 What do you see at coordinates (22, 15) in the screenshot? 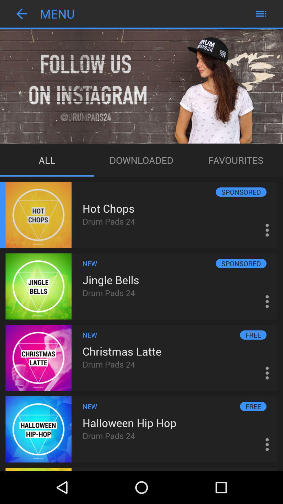
I see `the arrow_backward icon` at bounding box center [22, 15].